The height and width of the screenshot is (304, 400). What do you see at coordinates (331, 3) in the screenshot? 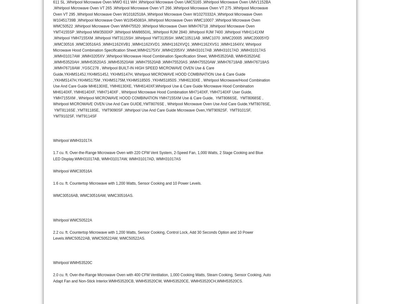
I see `'10273'` at bounding box center [331, 3].